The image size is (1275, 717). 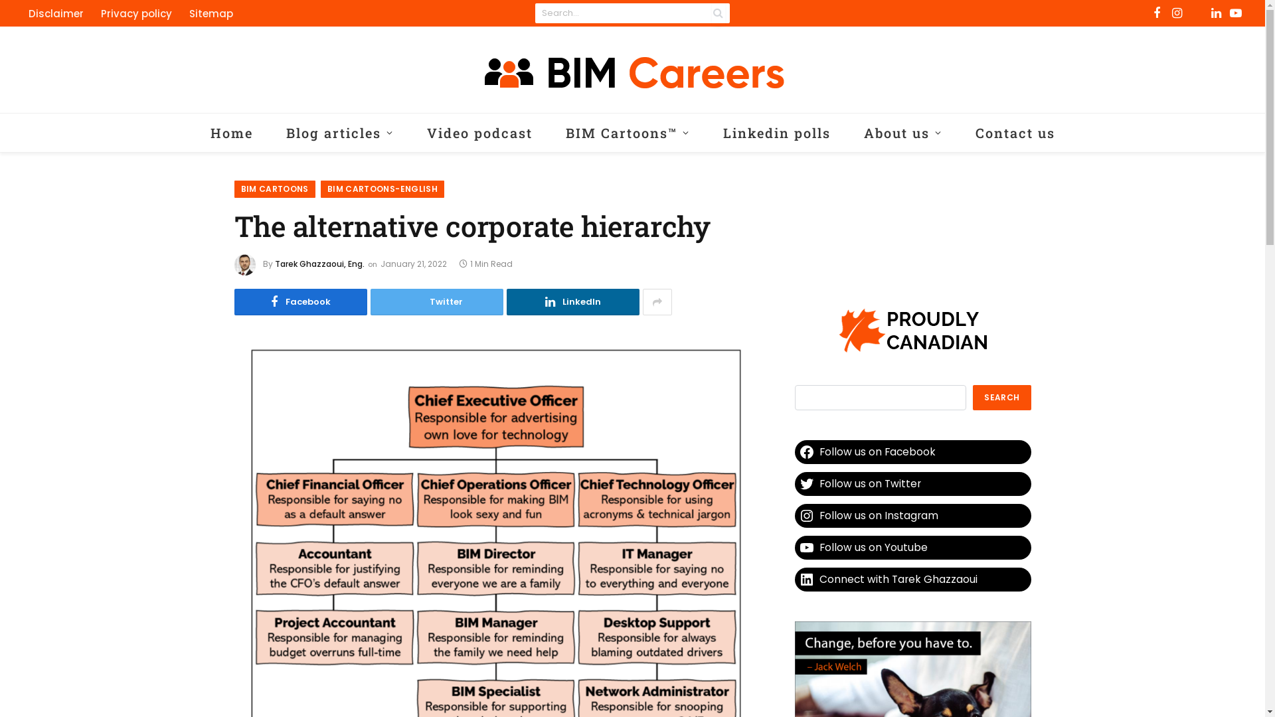 I want to click on 'Privacy policy', so click(x=92, y=13).